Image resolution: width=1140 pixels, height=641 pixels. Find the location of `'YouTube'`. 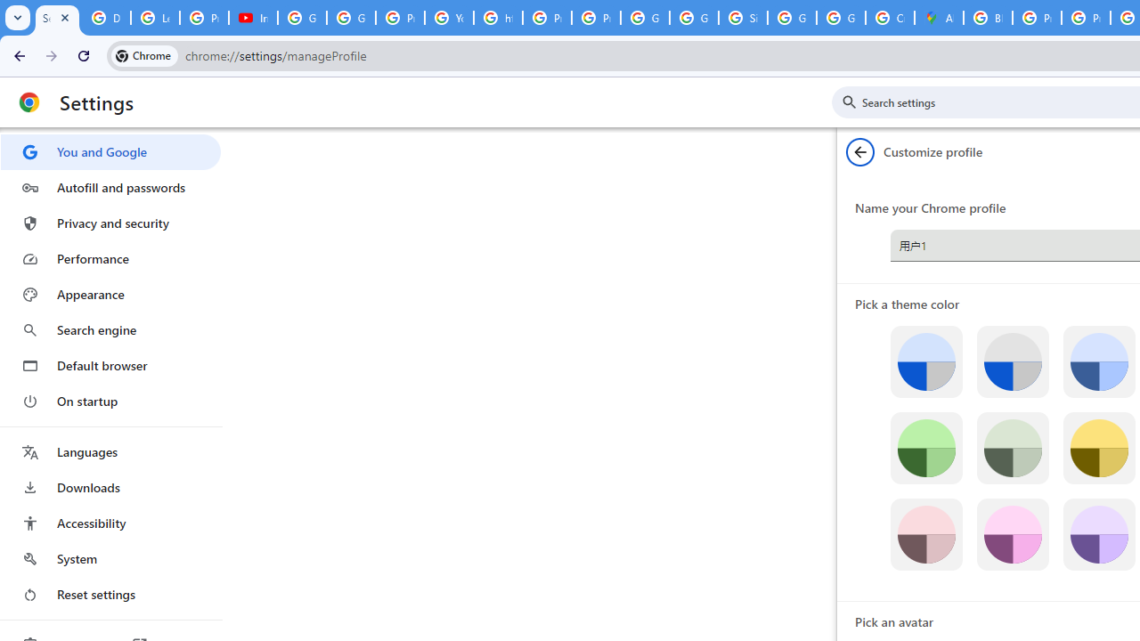

'YouTube' is located at coordinates (449, 18).